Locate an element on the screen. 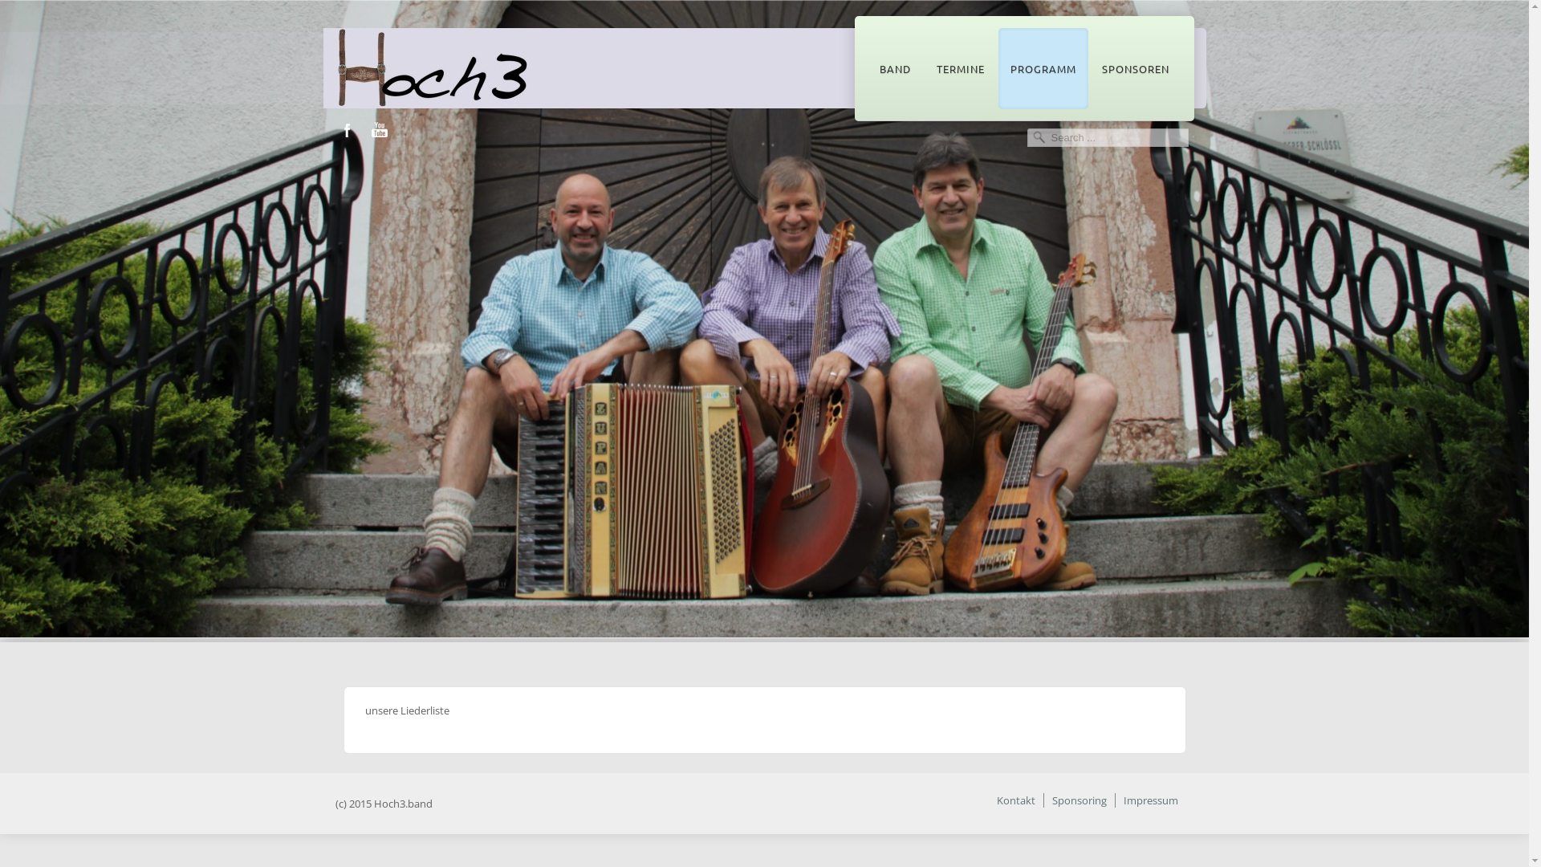  'SPONSOREN' is located at coordinates (1135, 67).